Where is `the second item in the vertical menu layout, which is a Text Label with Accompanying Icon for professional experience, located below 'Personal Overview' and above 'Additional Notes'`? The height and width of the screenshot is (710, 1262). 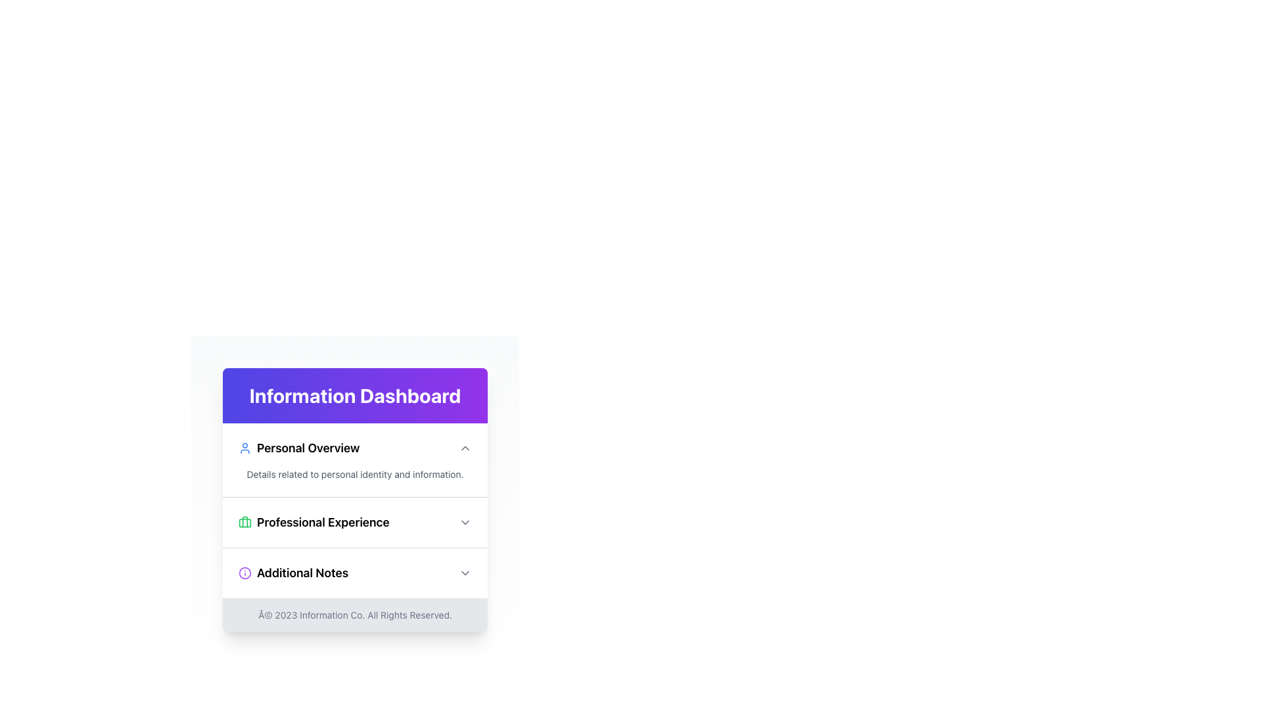 the second item in the vertical menu layout, which is a Text Label with Accompanying Icon for professional experience, located below 'Personal Overview' and above 'Additional Notes' is located at coordinates (313, 521).